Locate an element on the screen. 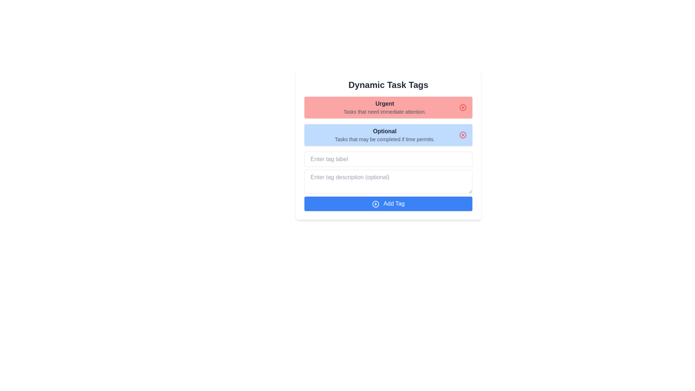 Image resolution: width=695 pixels, height=391 pixels. the close icon button with an 'X' symbol in the upper-right corner of the blue 'Optional' section is located at coordinates (462, 135).